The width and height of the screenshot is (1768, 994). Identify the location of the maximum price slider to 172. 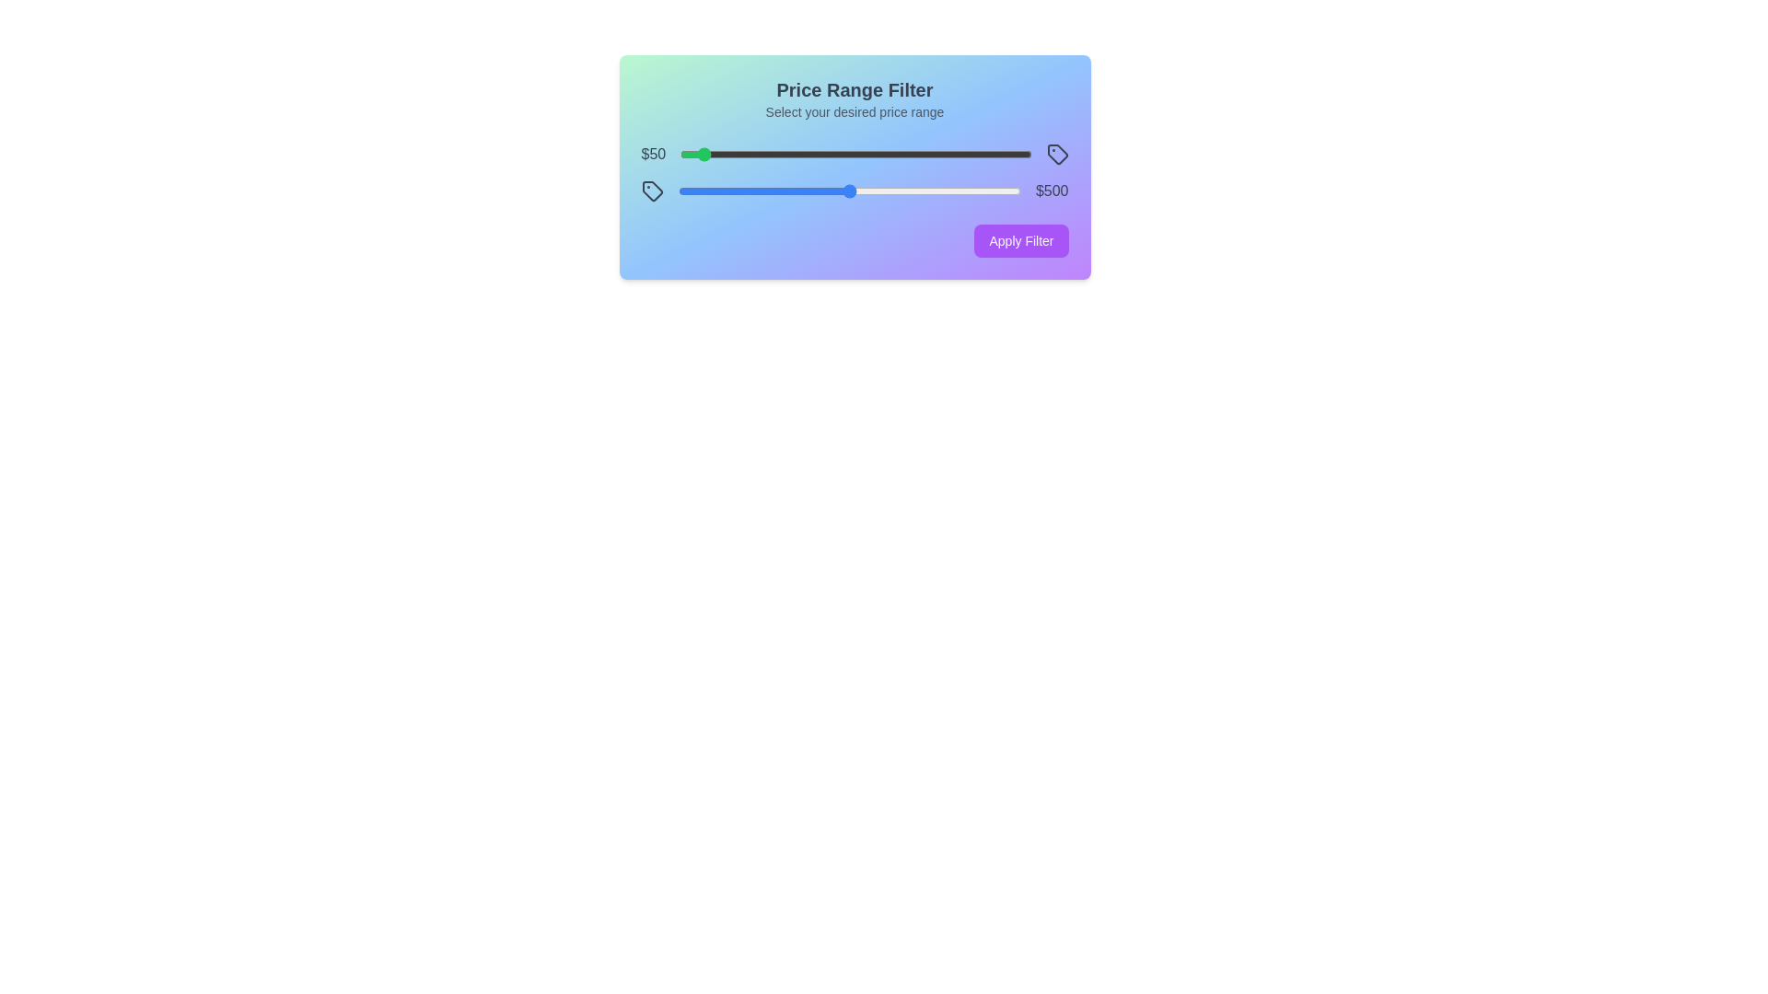
(737, 191).